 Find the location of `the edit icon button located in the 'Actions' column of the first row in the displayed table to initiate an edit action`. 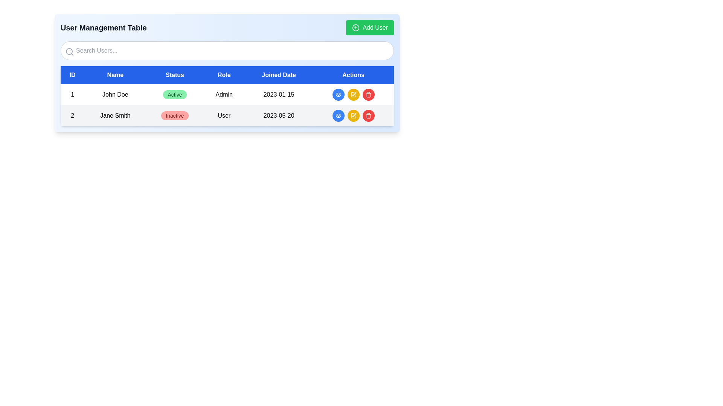

the edit icon button located in the 'Actions' column of the first row in the displayed table to initiate an edit action is located at coordinates (354, 115).